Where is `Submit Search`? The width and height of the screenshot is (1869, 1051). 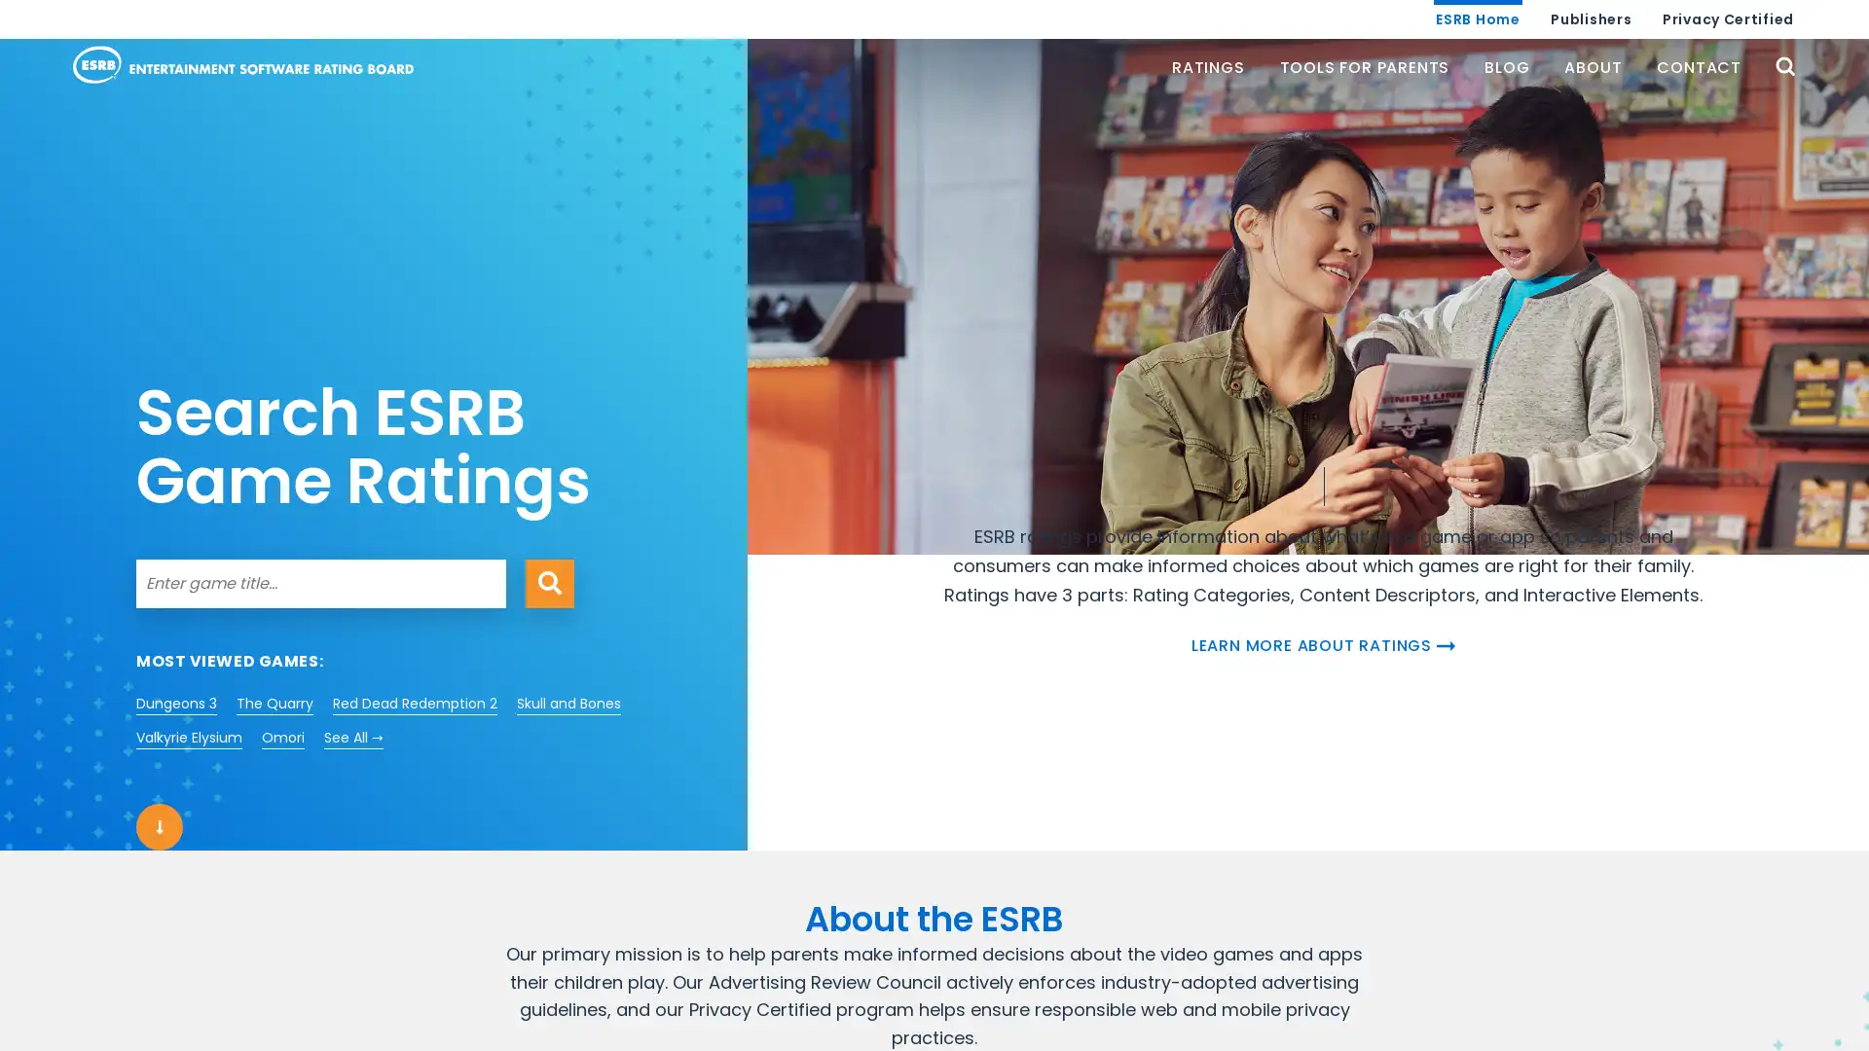
Submit Search is located at coordinates (549, 581).